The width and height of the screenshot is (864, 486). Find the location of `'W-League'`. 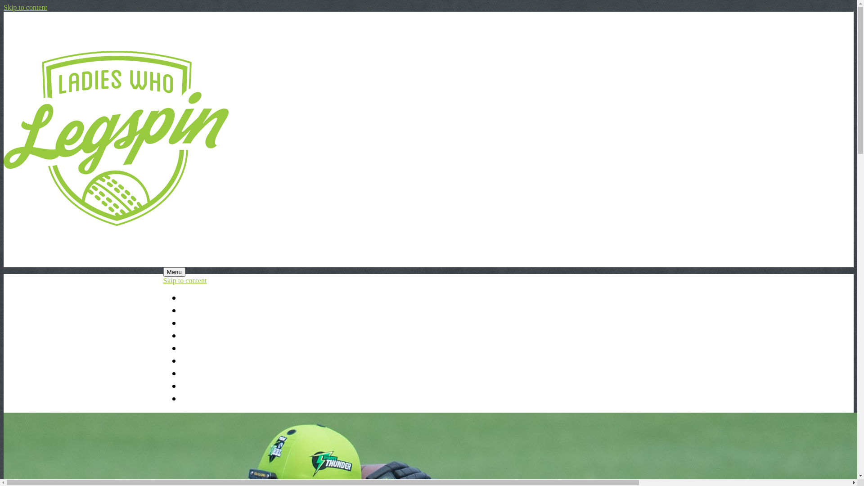

'W-League' is located at coordinates (200, 360).